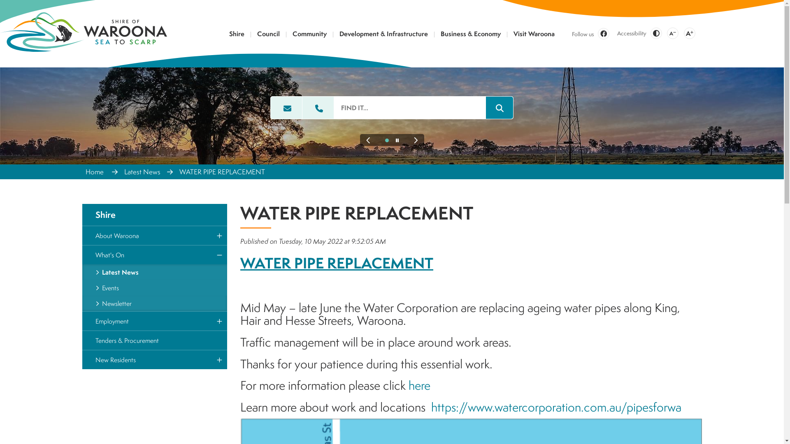 Image resolution: width=790 pixels, height=444 pixels. I want to click on 'Shire', so click(237, 36).